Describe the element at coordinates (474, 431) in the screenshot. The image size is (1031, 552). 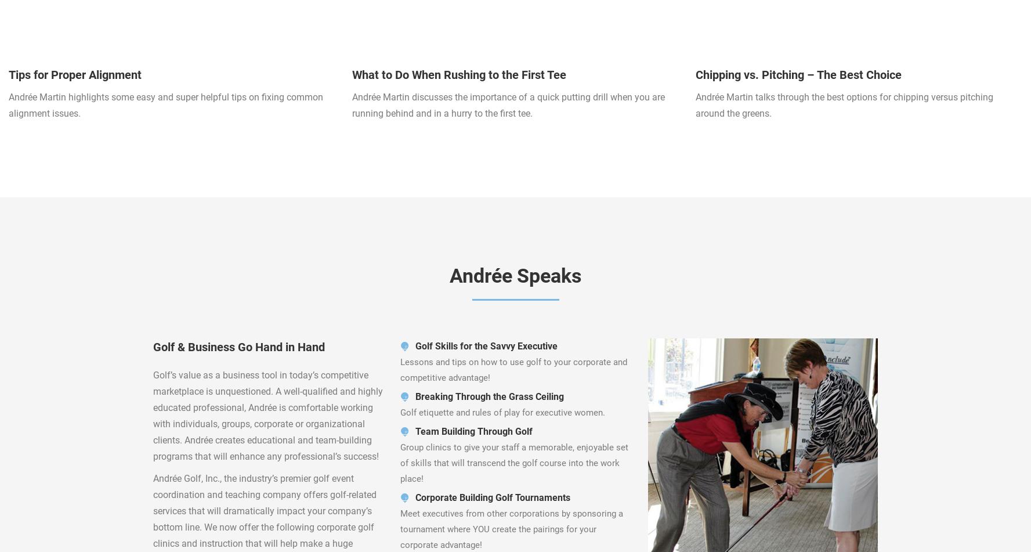
I see `'Team Building Through Golf'` at that location.